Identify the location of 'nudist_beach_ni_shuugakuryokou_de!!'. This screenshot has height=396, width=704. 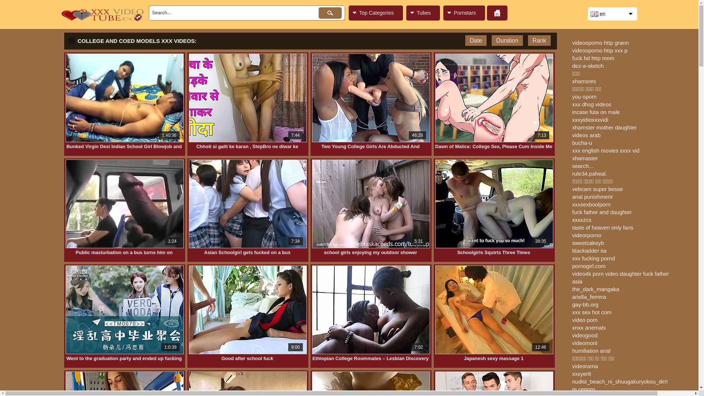
(619, 381).